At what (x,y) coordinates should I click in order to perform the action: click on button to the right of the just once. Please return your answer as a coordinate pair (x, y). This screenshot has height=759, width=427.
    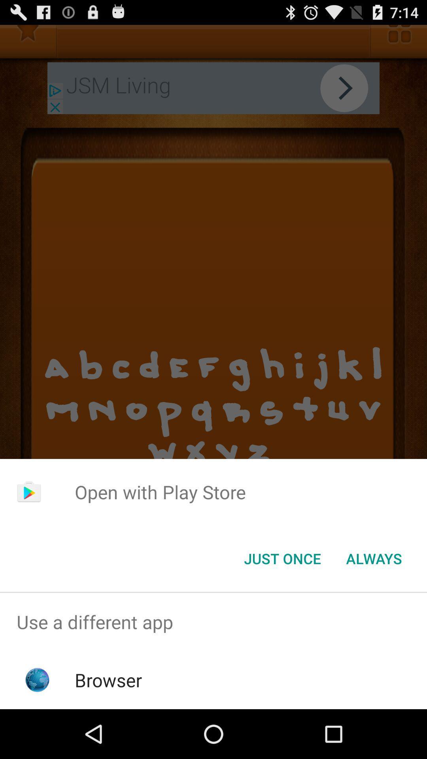
    Looking at the image, I should click on (374, 558).